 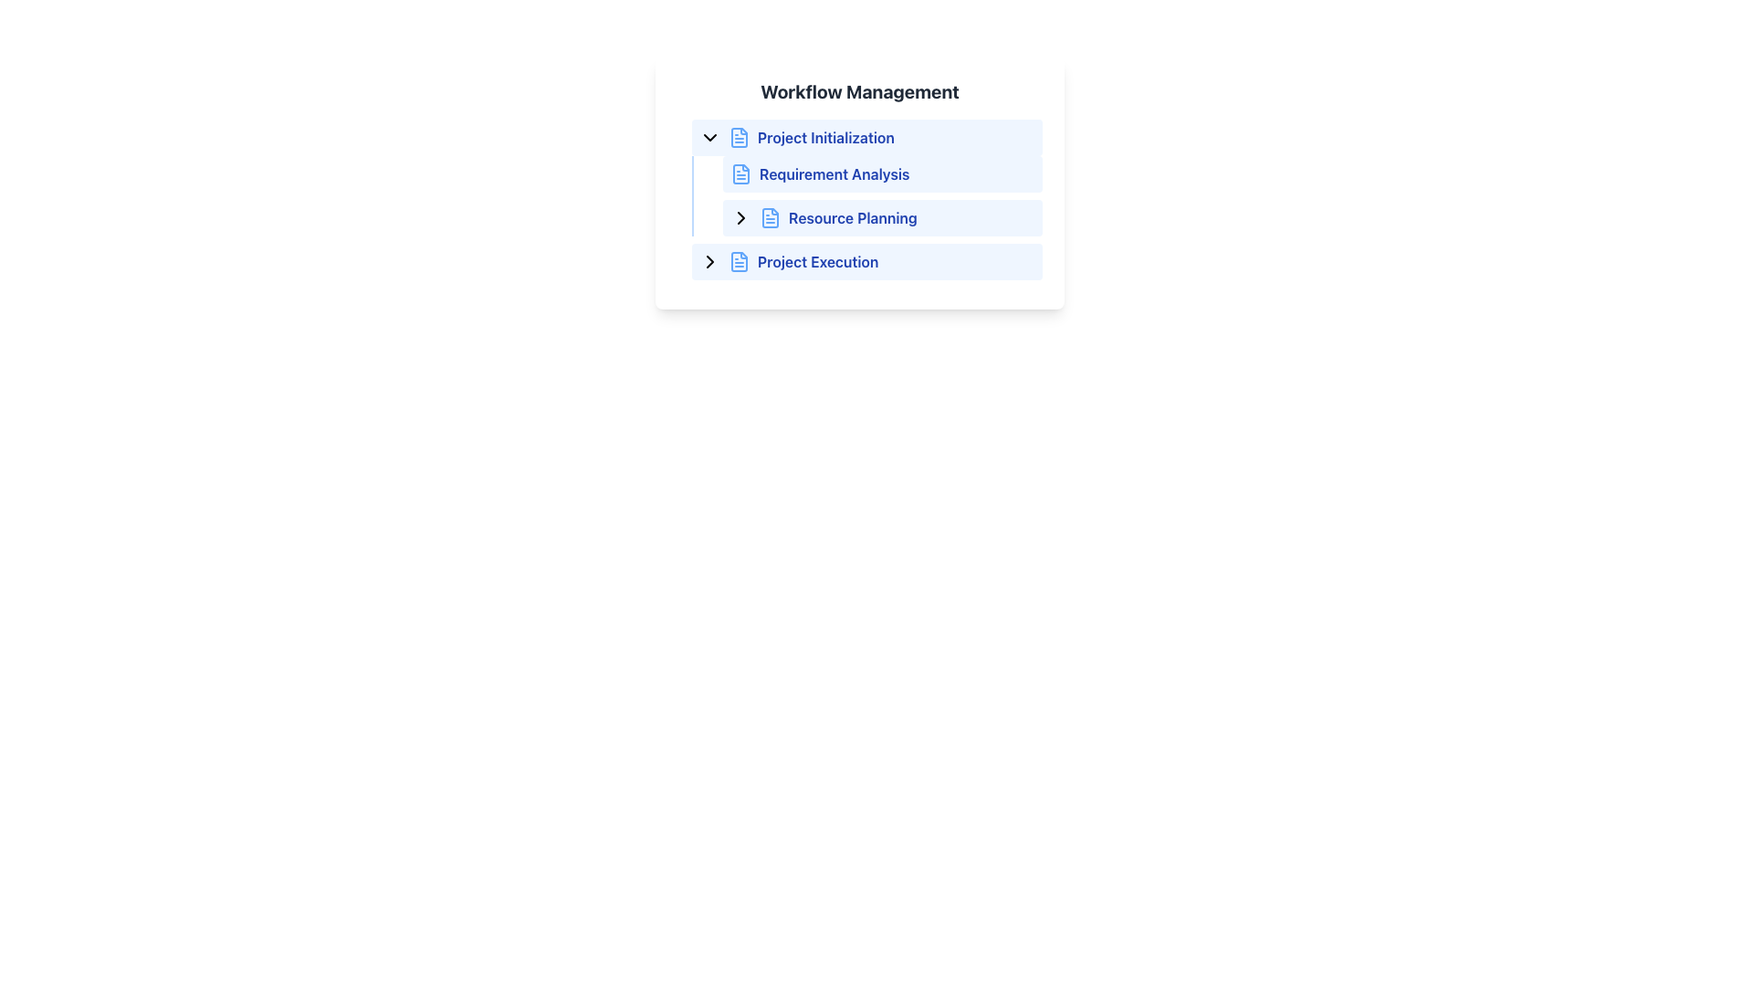 I want to click on the second chevron icon positioned near the leftmost side of the 'Project Execution' list item, so click(x=709, y=261).